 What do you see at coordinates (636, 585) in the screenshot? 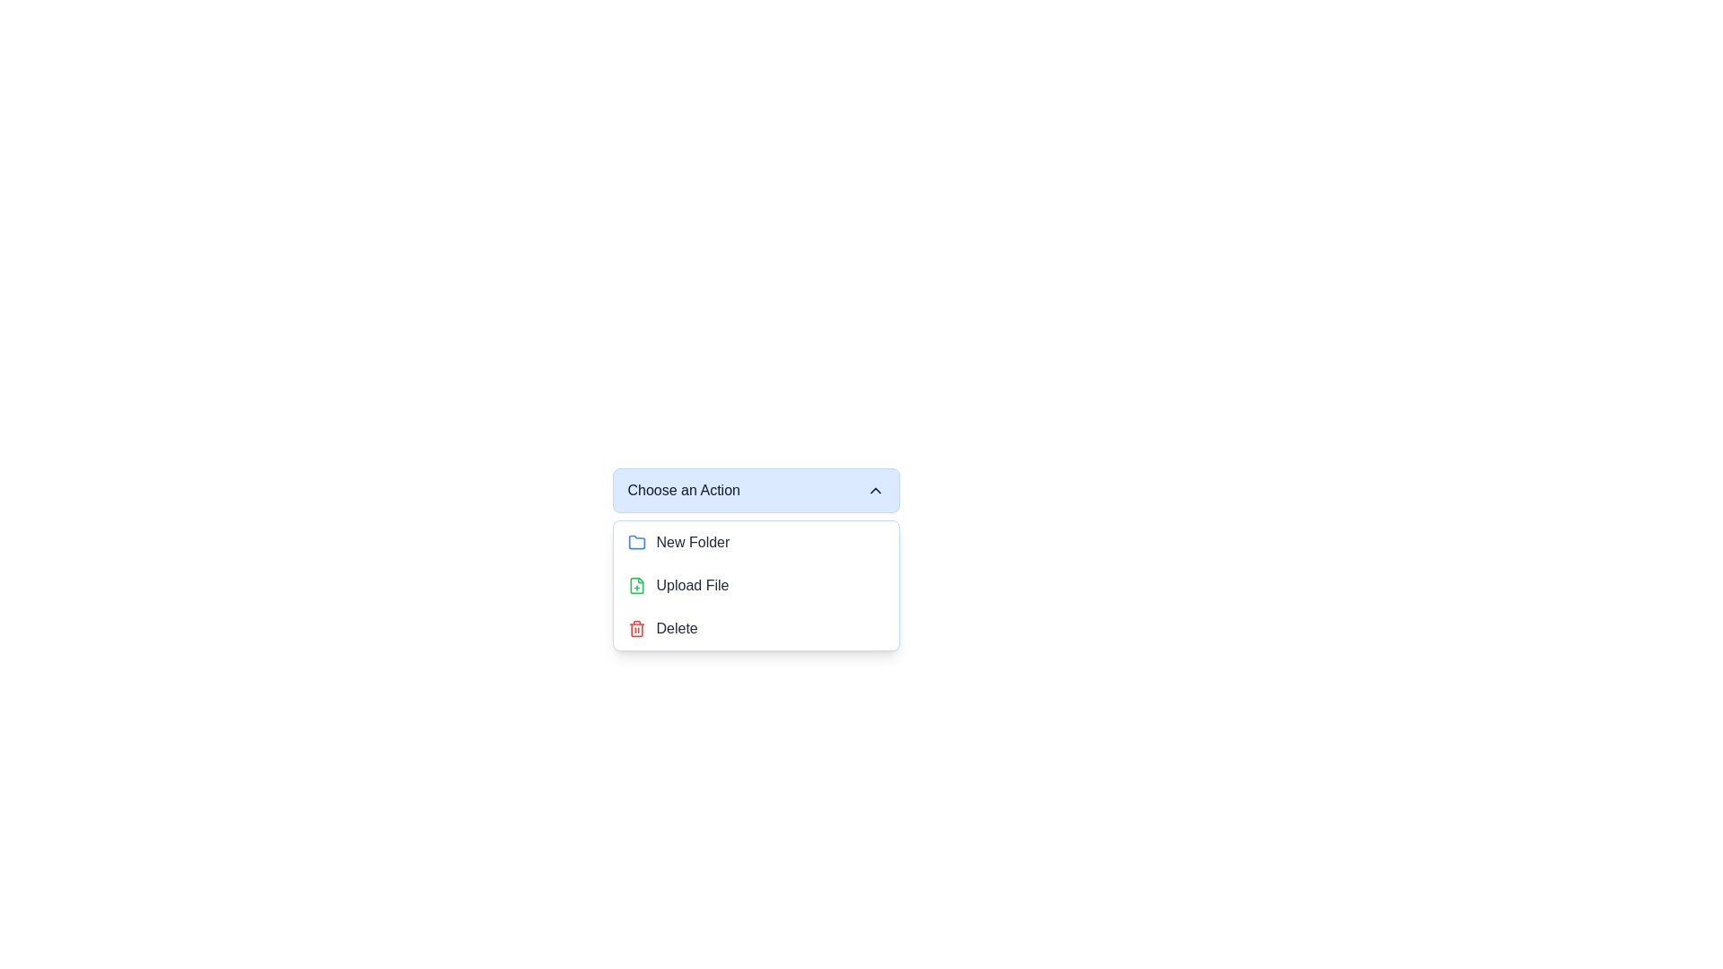
I see `the 'Upload File' icon located in the dropdown menu, positioned to the left of the 'Upload File' text label` at bounding box center [636, 585].